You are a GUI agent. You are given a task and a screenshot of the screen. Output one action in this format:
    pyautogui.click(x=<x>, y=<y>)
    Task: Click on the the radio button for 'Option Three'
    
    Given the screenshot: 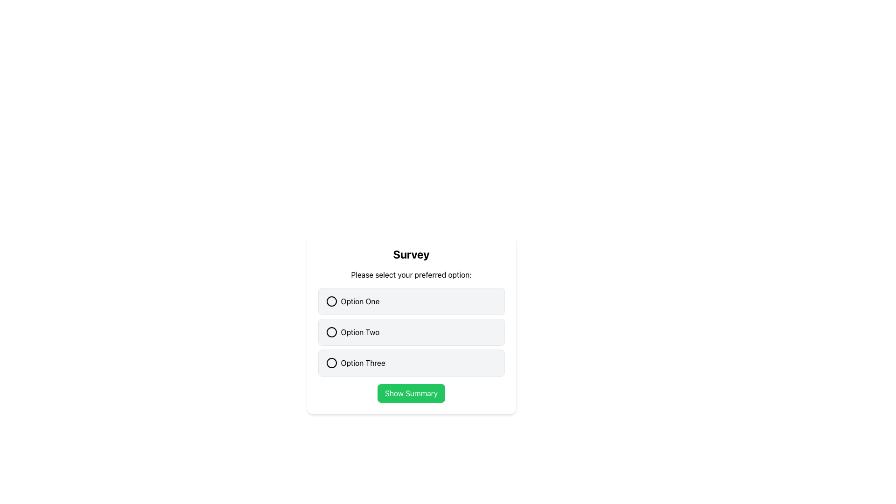 What is the action you would take?
    pyautogui.click(x=331, y=363)
    